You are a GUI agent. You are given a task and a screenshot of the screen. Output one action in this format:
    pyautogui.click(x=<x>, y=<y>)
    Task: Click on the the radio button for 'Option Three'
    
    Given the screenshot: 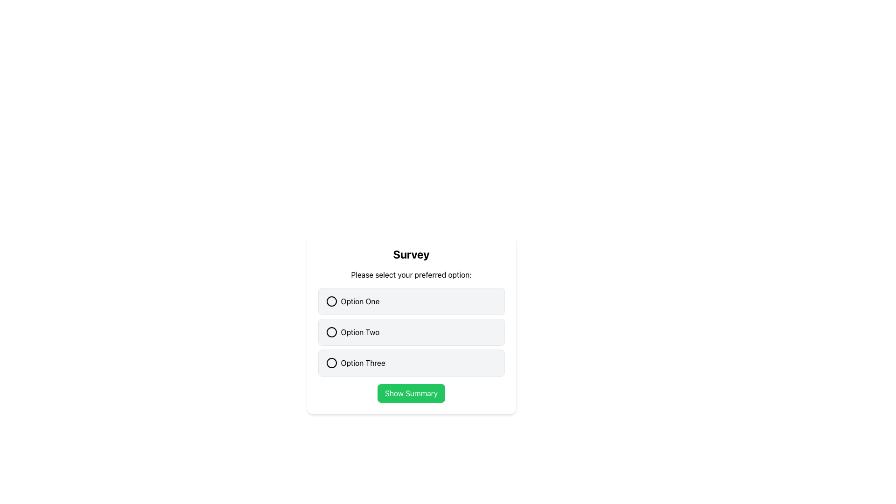 What is the action you would take?
    pyautogui.click(x=331, y=363)
    